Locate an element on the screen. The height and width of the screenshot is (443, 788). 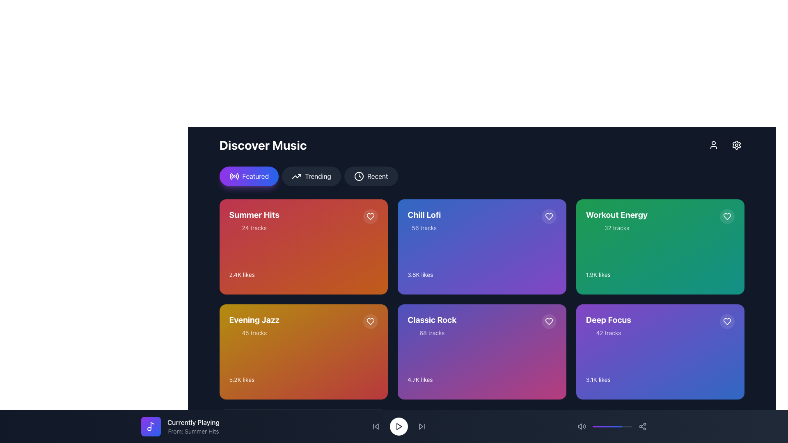
the Text Label that informs users about the currently playing media, located at the bottom center of the interface above the 'From: Summer Hits' text is located at coordinates (193, 422).